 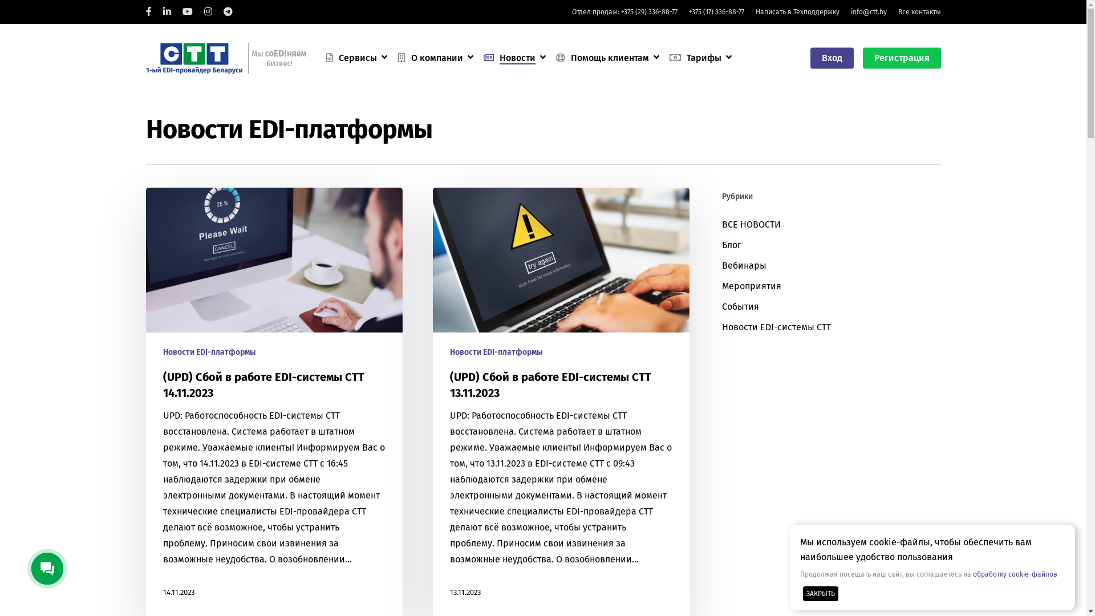 What do you see at coordinates (716, 11) in the screenshot?
I see `'+375 (17) 336-88-77'` at bounding box center [716, 11].